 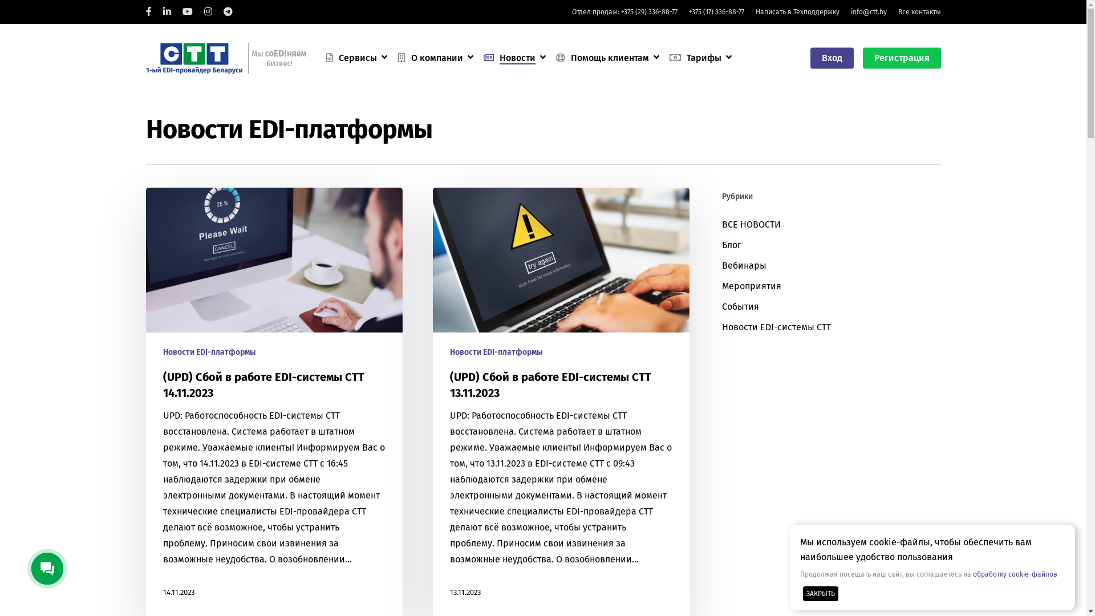 What do you see at coordinates (716, 11) in the screenshot?
I see `'+375 (17) 336-88-77'` at bounding box center [716, 11].